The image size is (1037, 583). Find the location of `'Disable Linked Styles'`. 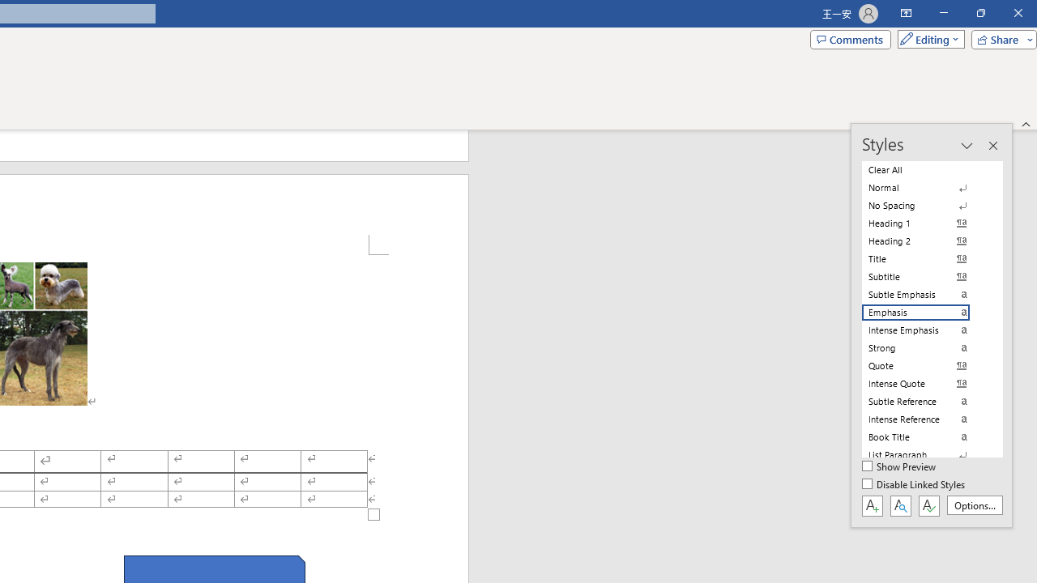

'Disable Linked Styles' is located at coordinates (915, 484).